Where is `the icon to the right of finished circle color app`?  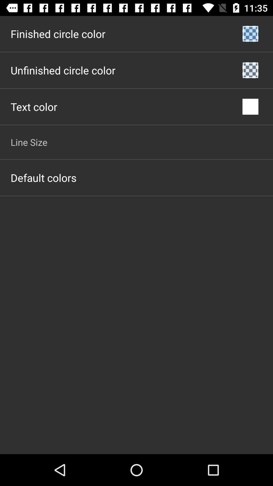 the icon to the right of finished circle color app is located at coordinates (250, 33).